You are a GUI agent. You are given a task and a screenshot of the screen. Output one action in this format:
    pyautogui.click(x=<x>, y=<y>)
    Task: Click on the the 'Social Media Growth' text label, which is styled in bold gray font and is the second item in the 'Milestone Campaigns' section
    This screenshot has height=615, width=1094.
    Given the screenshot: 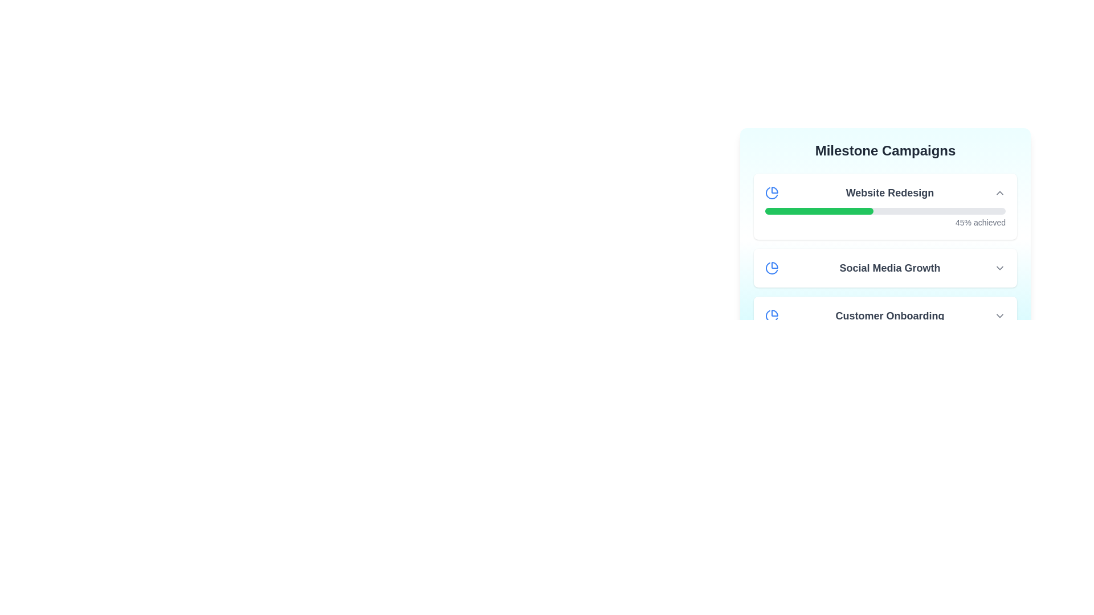 What is the action you would take?
    pyautogui.click(x=889, y=268)
    